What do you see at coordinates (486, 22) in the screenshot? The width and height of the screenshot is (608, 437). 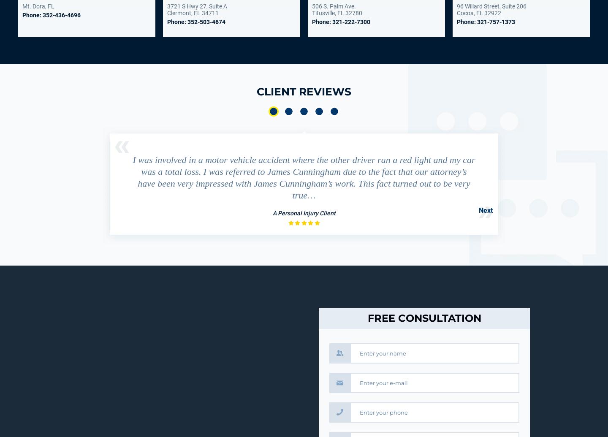 I see `'Phone: 321-757-1373'` at bounding box center [486, 22].